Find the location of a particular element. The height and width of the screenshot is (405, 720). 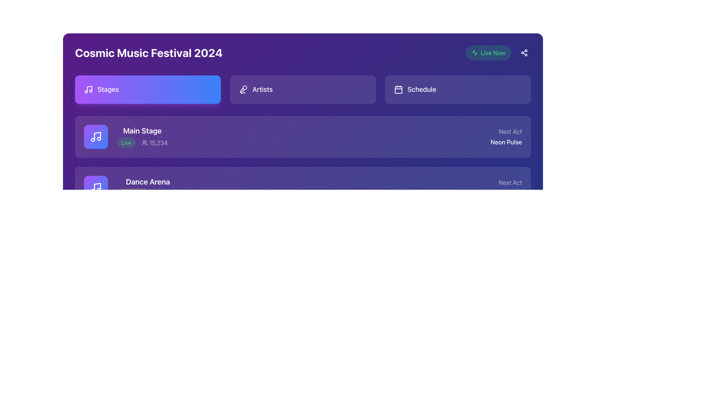

the 'Stages' text label, which serves as a navigation button directing to the 'Stages' section of the application, to potentially reveal additional details or visual effects is located at coordinates (108, 89).